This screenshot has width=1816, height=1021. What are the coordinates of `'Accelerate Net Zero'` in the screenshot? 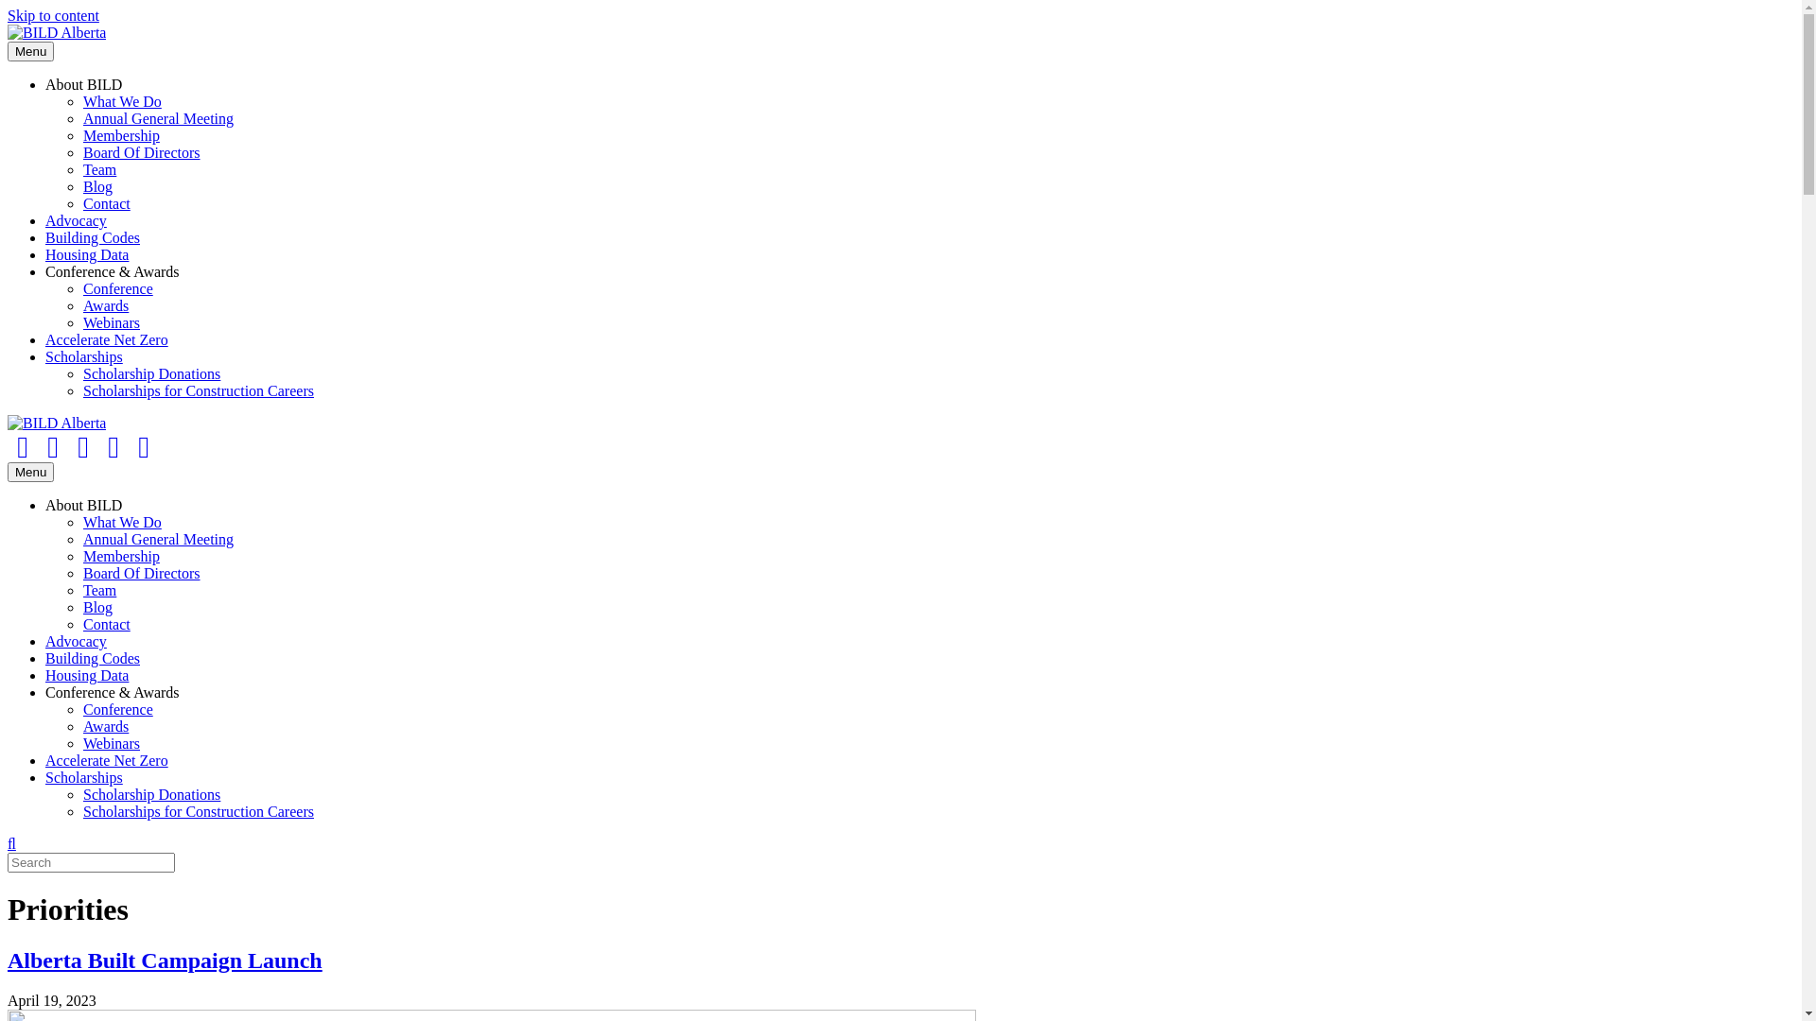 It's located at (45, 759).